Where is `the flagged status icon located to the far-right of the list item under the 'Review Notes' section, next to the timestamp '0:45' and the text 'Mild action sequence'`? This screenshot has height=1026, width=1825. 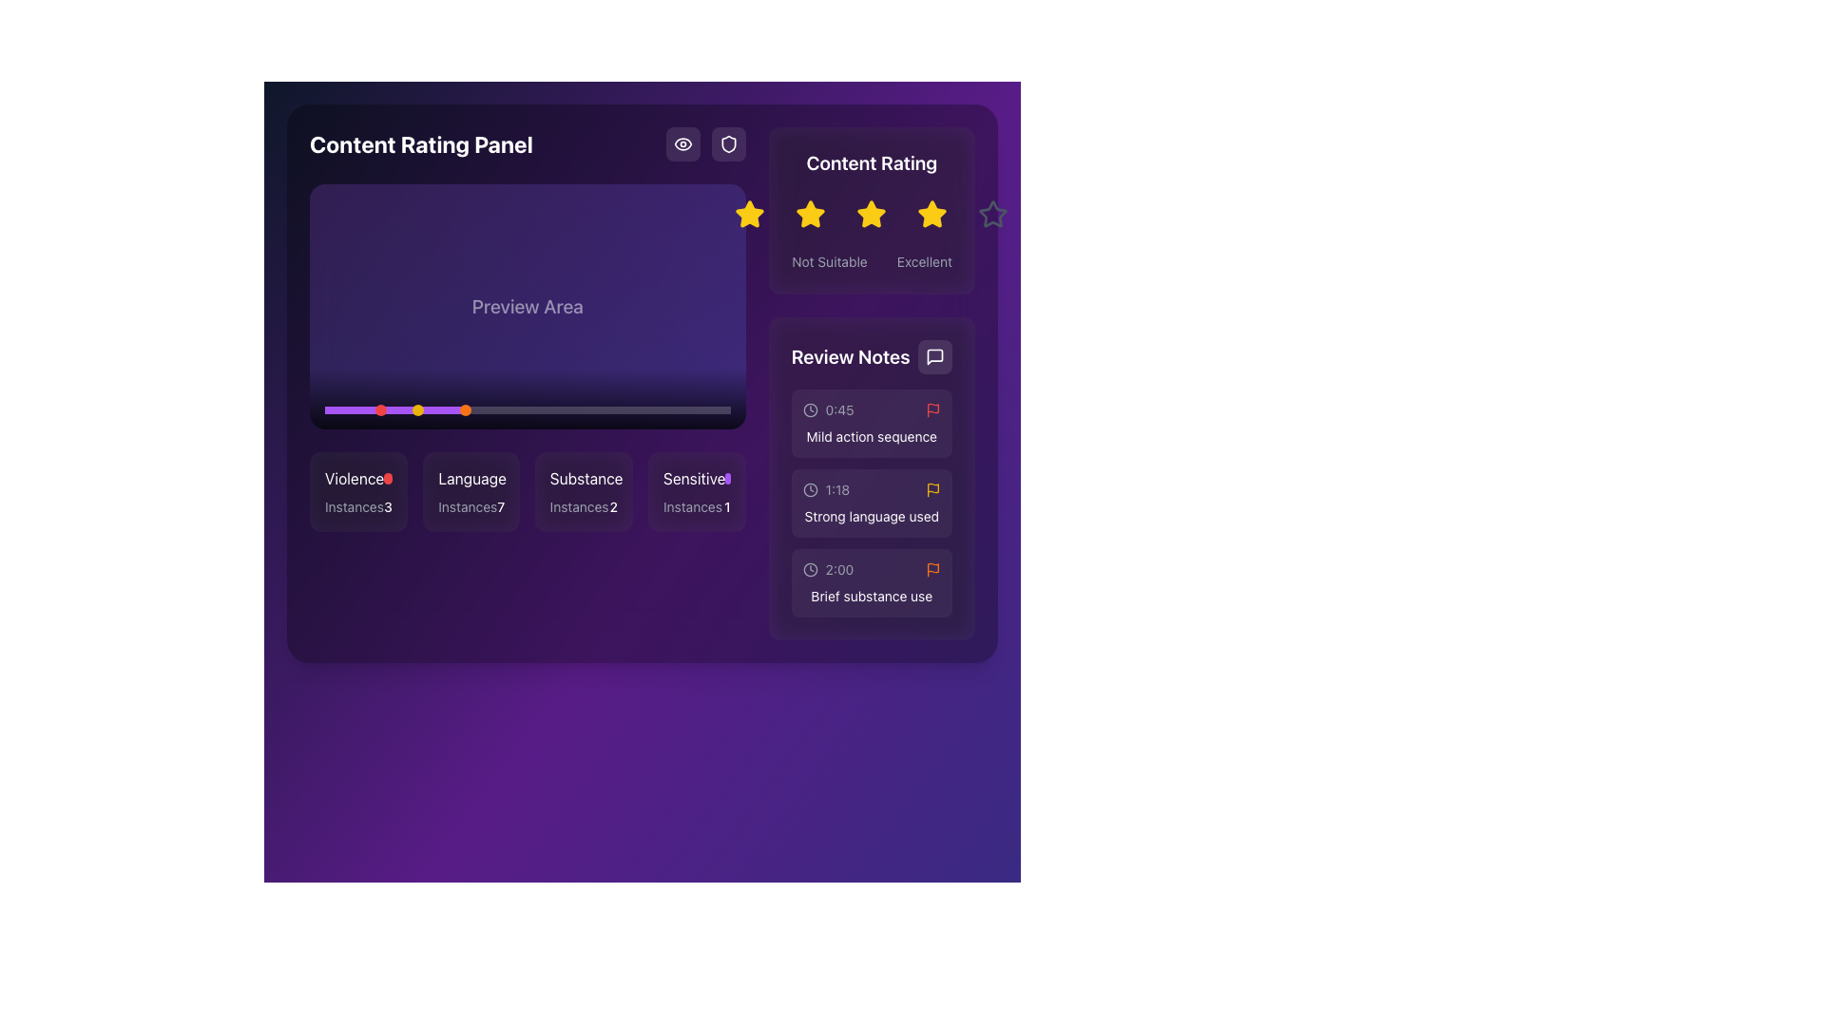
the flagged status icon located to the far-right of the list item under the 'Review Notes' section, next to the timestamp '0:45' and the text 'Mild action sequence' is located at coordinates (932, 409).